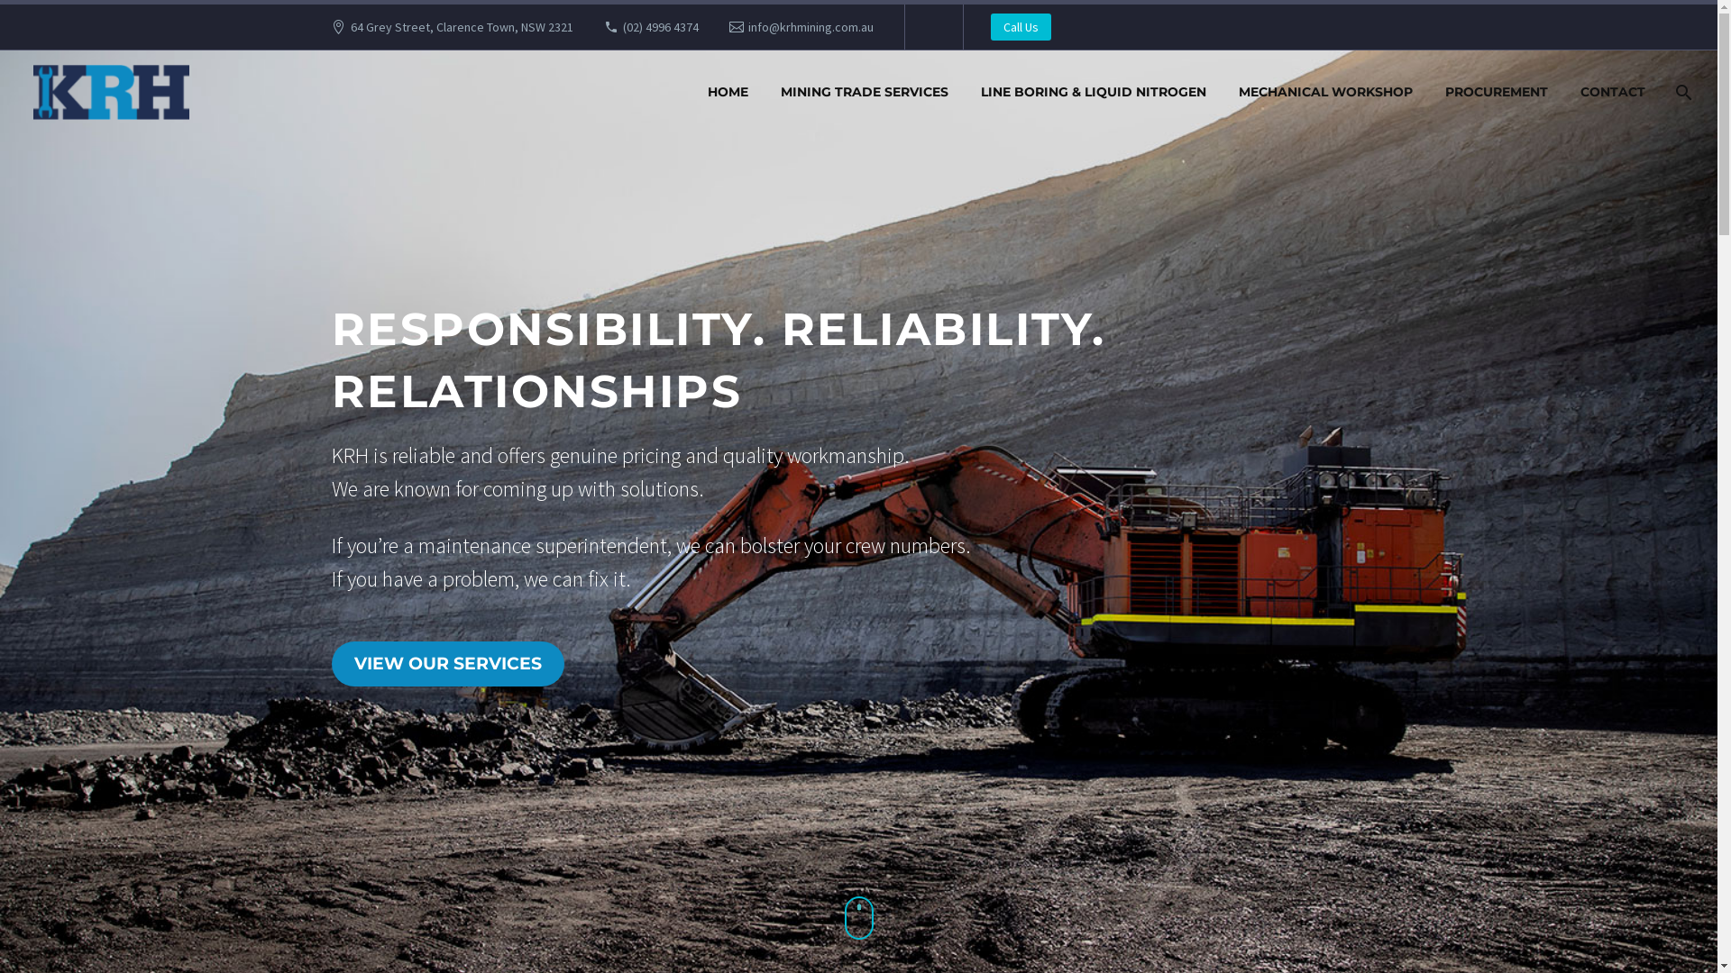 This screenshot has height=973, width=1731. Describe the element at coordinates (748, 27) in the screenshot. I see `'info@krhmining.com.au'` at that location.